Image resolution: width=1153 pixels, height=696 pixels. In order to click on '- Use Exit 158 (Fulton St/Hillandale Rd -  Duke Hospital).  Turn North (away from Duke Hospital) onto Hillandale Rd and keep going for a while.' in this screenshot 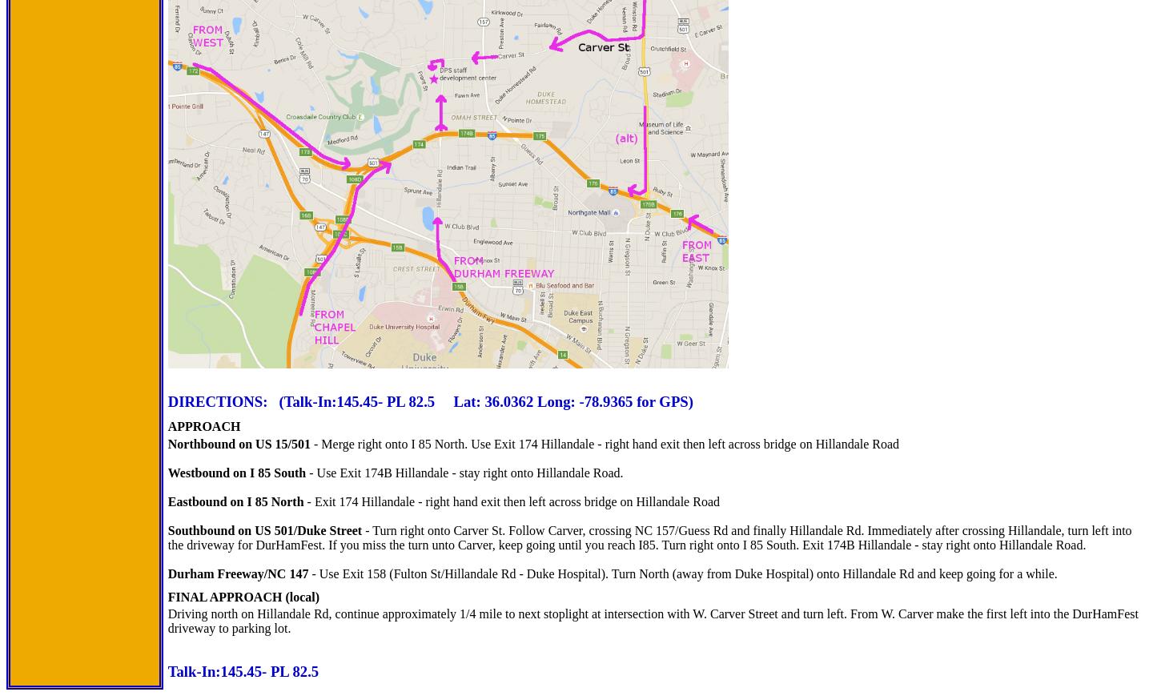, I will do `click(681, 573)`.